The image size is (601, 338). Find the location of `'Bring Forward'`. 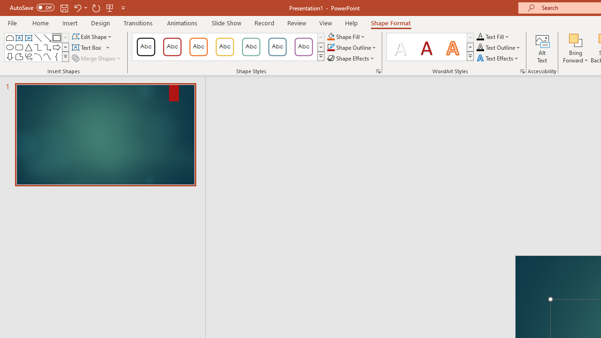

'Bring Forward' is located at coordinates (575, 39).